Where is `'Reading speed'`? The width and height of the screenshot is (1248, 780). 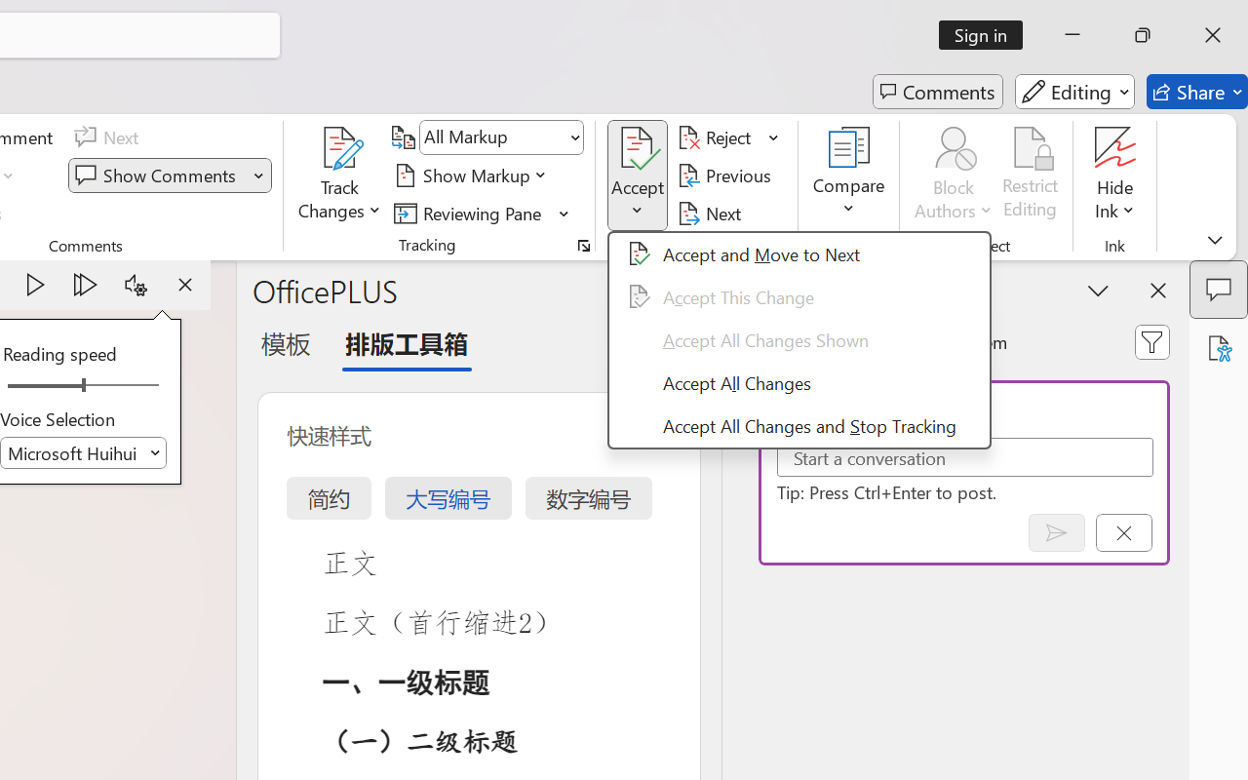
'Reading speed' is located at coordinates (82, 385).